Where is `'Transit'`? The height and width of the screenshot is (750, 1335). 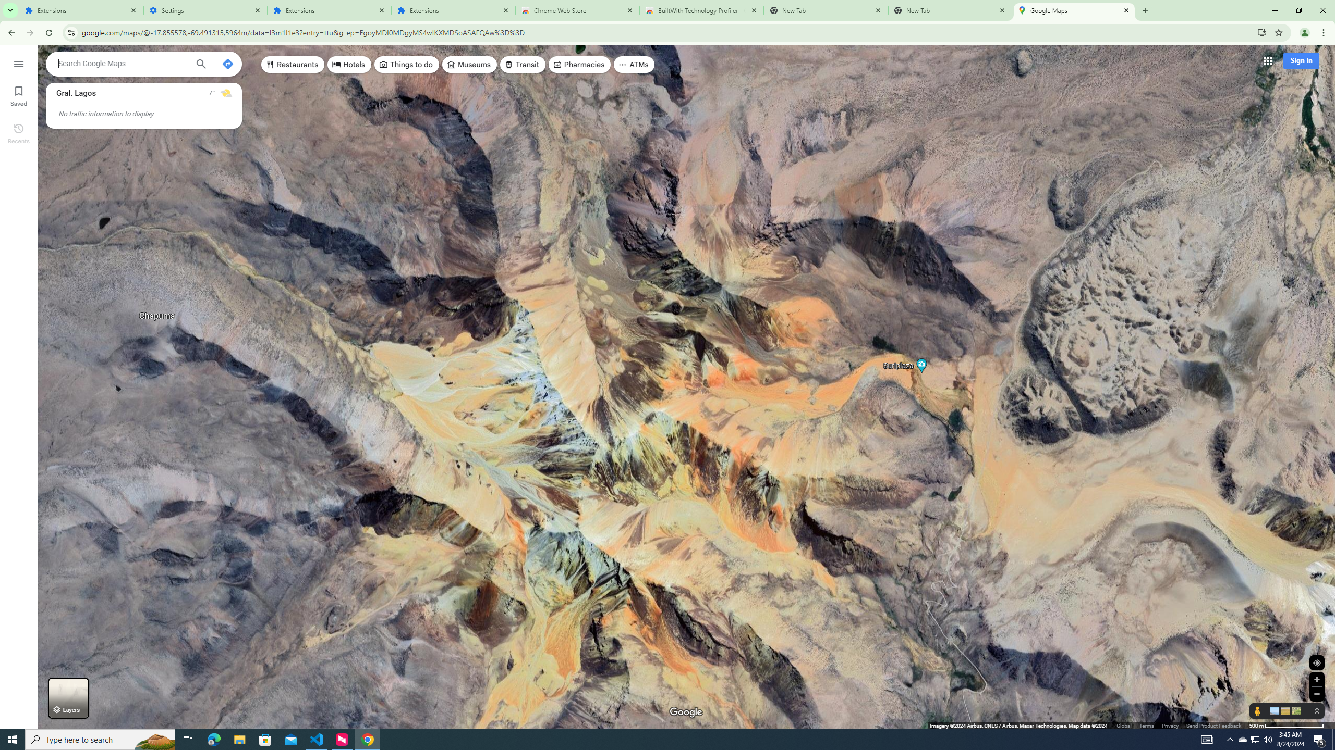 'Transit' is located at coordinates (523, 64).